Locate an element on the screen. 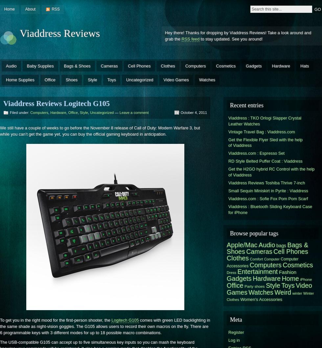  'Clothes' is located at coordinates (238, 258).